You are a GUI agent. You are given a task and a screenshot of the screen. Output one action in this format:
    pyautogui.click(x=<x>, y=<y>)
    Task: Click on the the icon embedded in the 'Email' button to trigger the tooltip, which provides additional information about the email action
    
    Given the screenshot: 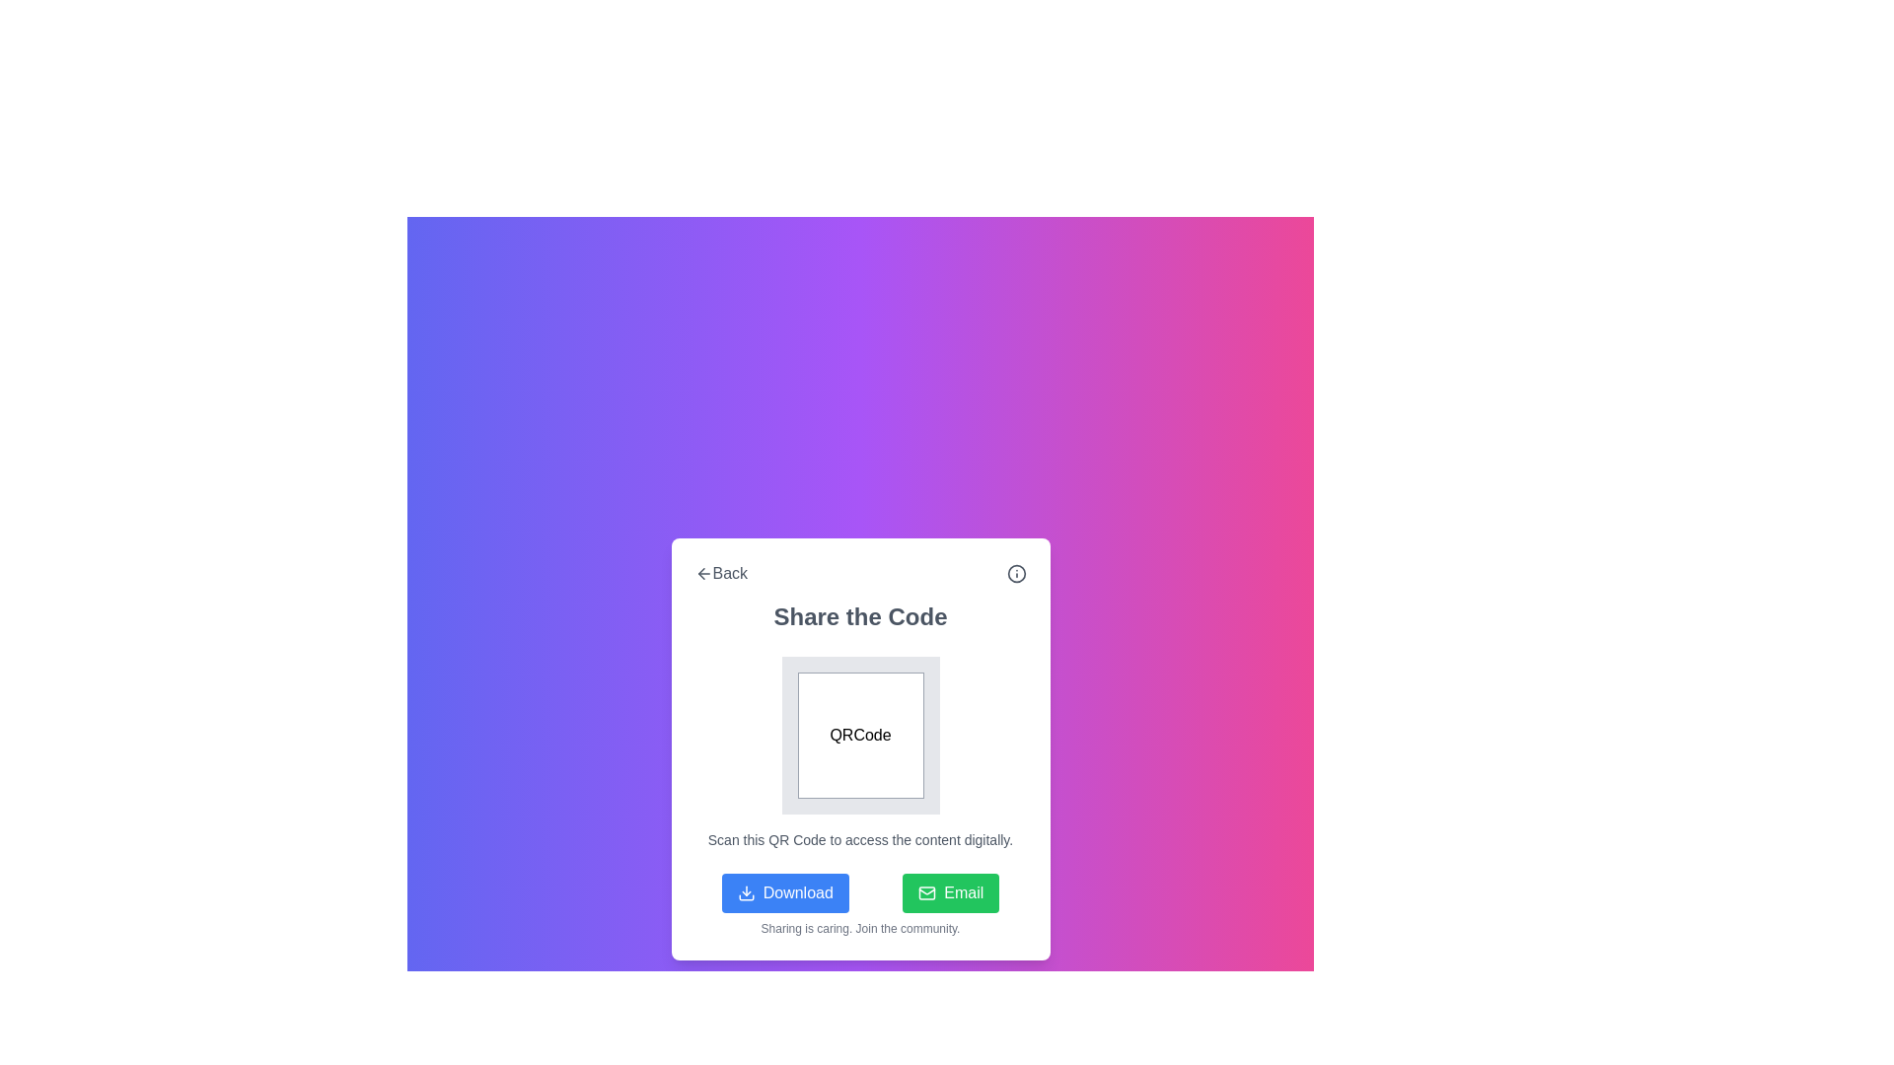 What is the action you would take?
    pyautogui.click(x=926, y=893)
    